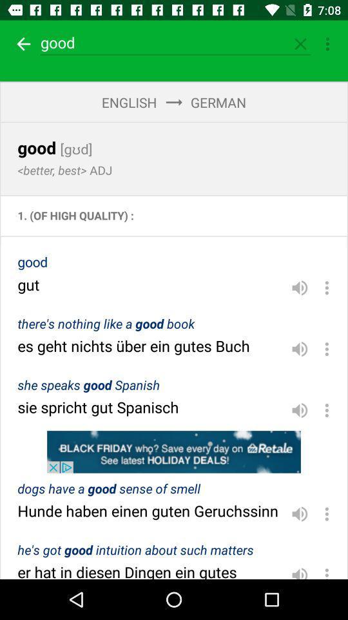 This screenshot has width=348, height=620. What do you see at coordinates (327, 287) in the screenshot?
I see `options` at bounding box center [327, 287].